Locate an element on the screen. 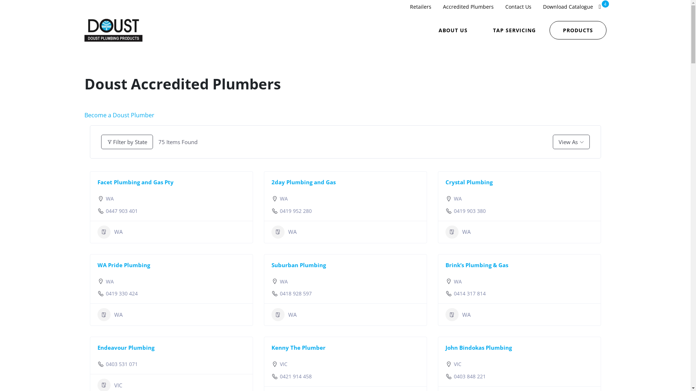 The image size is (696, 391). '0418 928 597' is located at coordinates (296, 293).